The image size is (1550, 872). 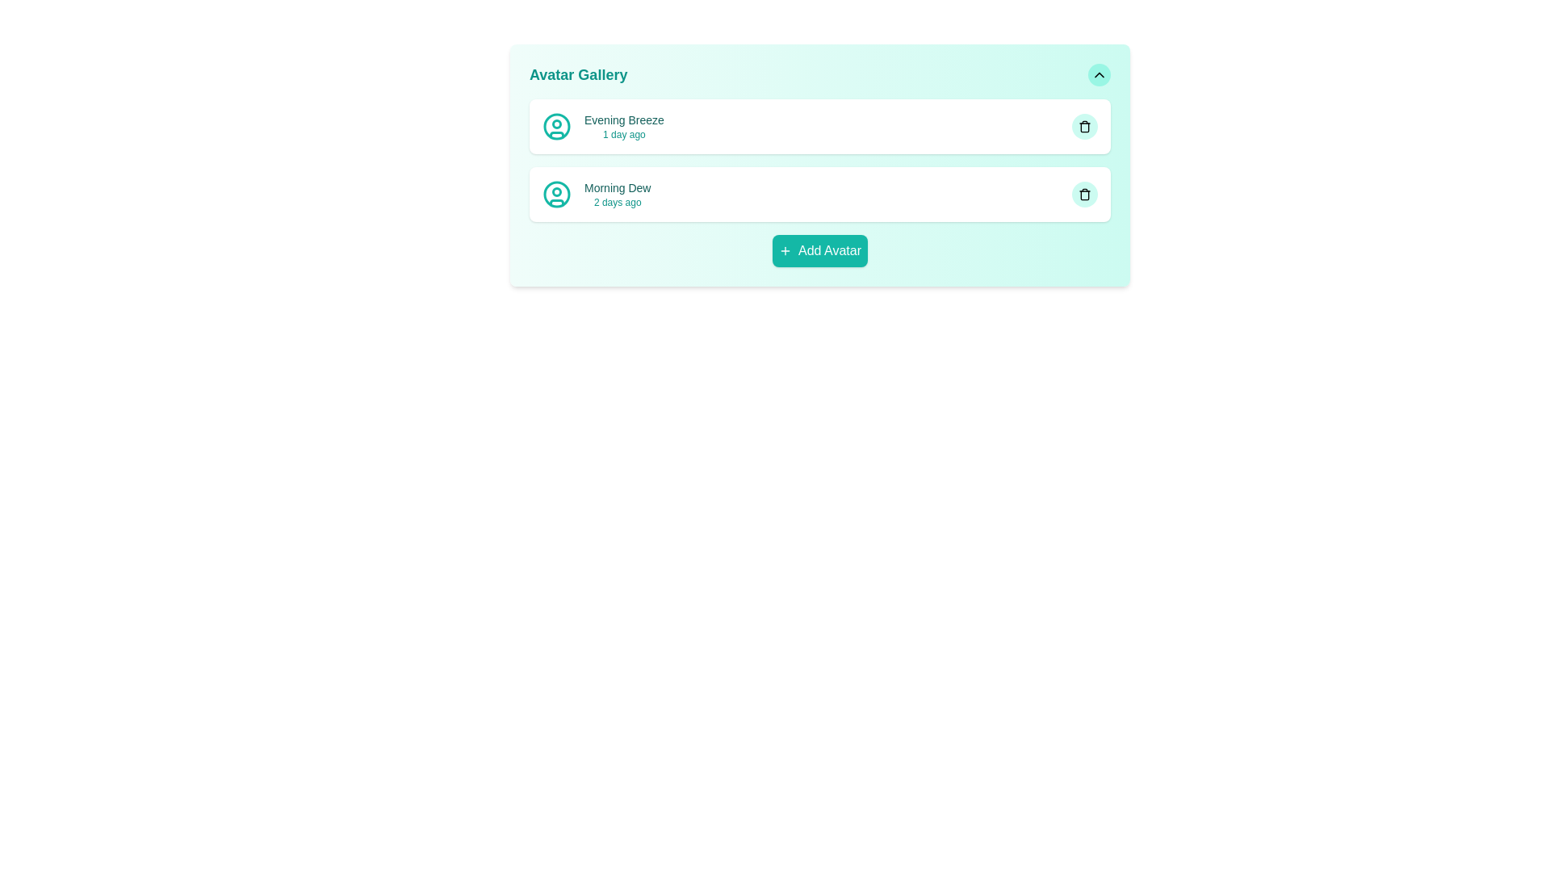 What do you see at coordinates (1099, 74) in the screenshot?
I see `the Chevron icon located` at bounding box center [1099, 74].